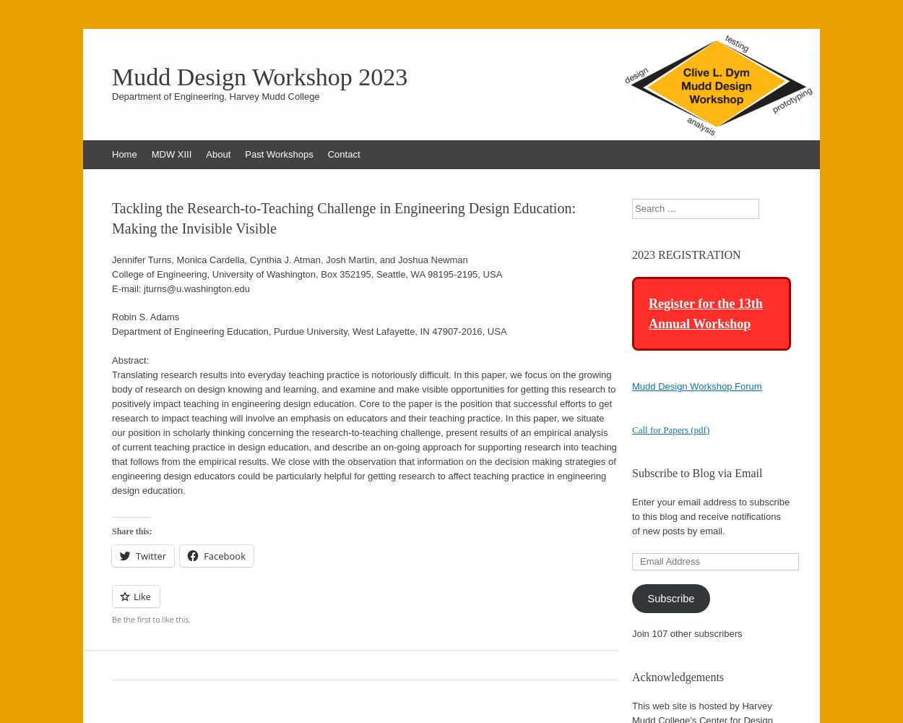  What do you see at coordinates (112, 330) in the screenshot?
I see `'Department of Engineering Education, Purdue University, West Lafayette, IN 47907-2016, USA'` at bounding box center [112, 330].